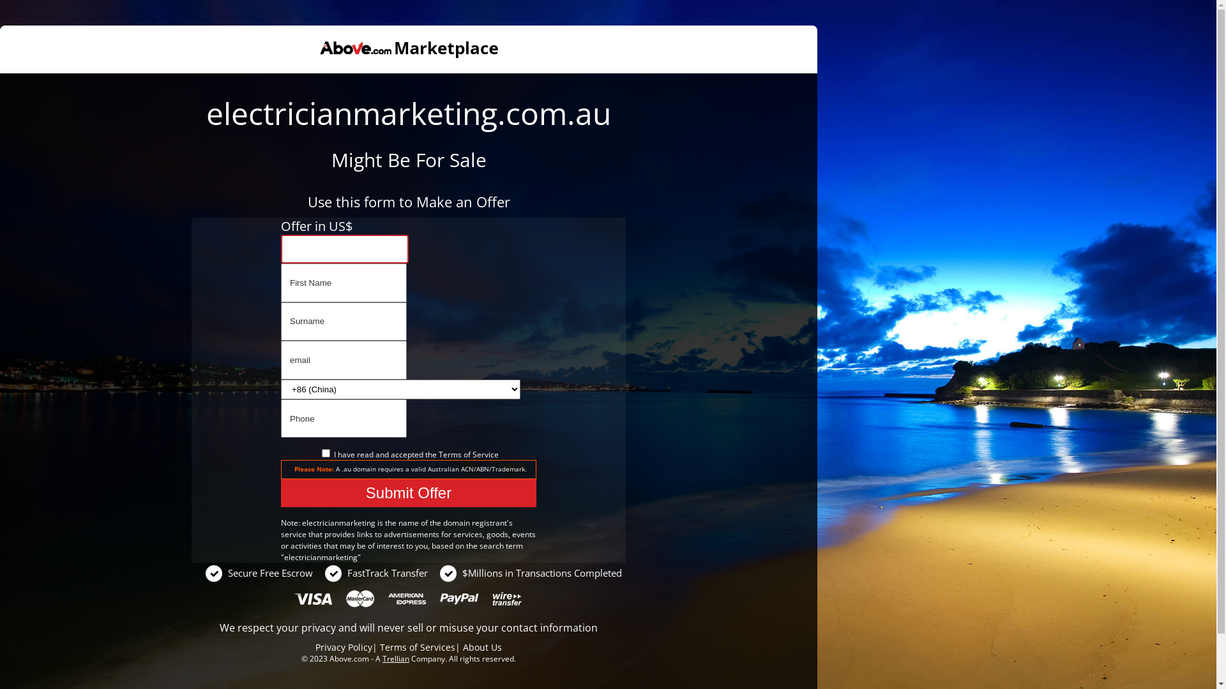  What do you see at coordinates (379, 647) in the screenshot?
I see `'Terms of Services'` at bounding box center [379, 647].